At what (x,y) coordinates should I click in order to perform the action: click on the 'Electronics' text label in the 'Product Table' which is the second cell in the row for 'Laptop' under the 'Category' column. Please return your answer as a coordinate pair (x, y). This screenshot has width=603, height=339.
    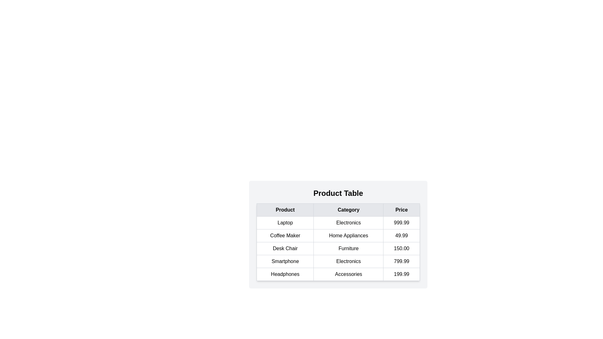
    Looking at the image, I should click on (348, 222).